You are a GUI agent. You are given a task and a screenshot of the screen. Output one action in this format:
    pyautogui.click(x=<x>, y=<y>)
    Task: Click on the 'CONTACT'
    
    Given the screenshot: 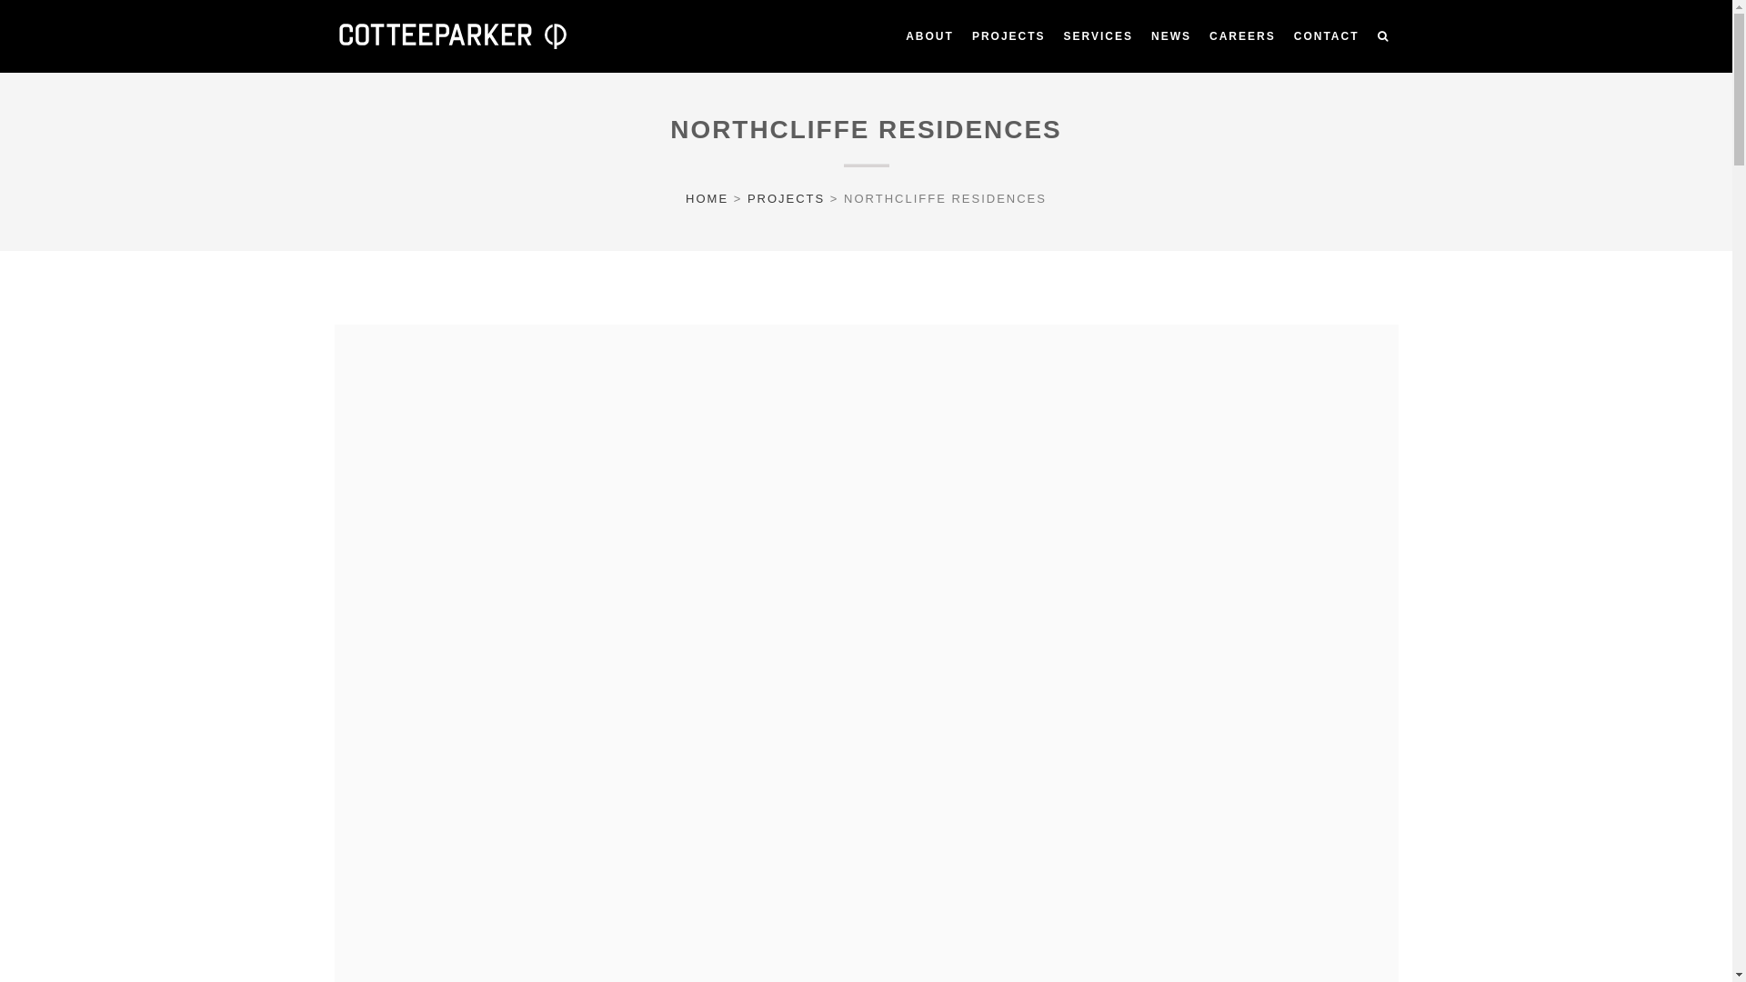 What is the action you would take?
    pyautogui.click(x=1283, y=35)
    